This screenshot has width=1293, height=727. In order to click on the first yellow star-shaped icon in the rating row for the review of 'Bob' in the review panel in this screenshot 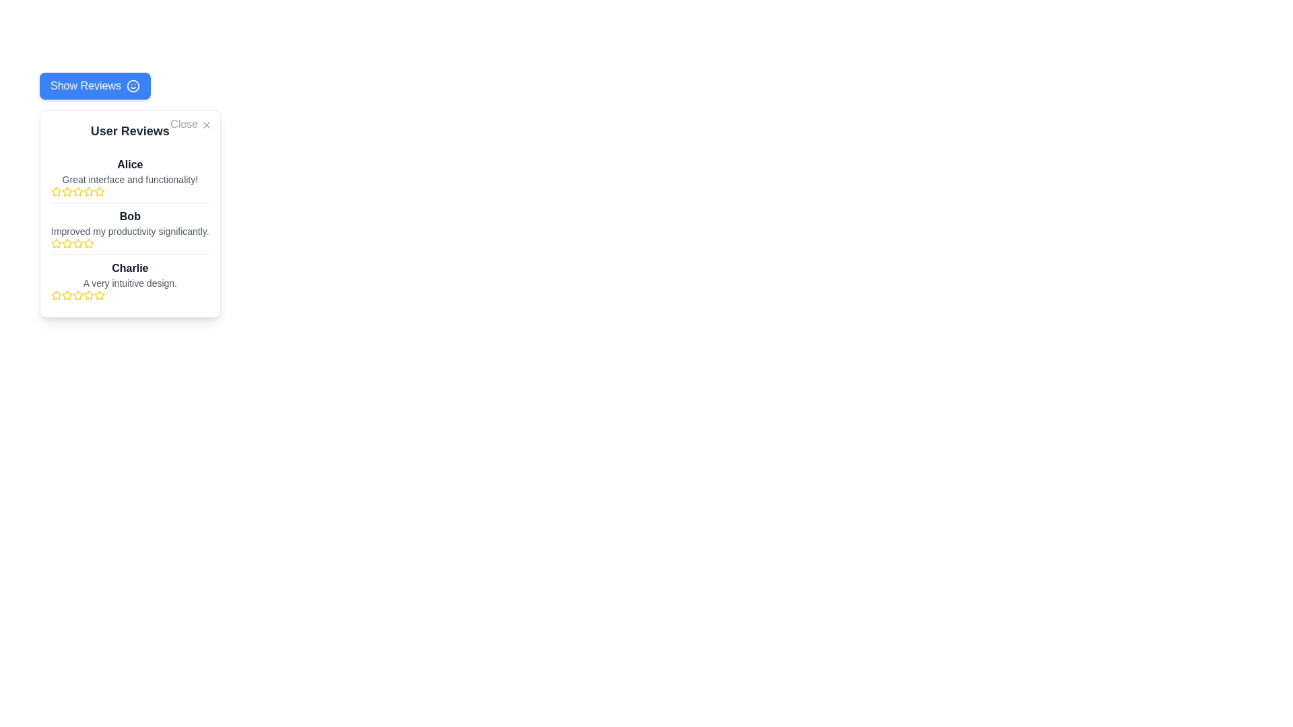, I will do `click(55, 244)`.